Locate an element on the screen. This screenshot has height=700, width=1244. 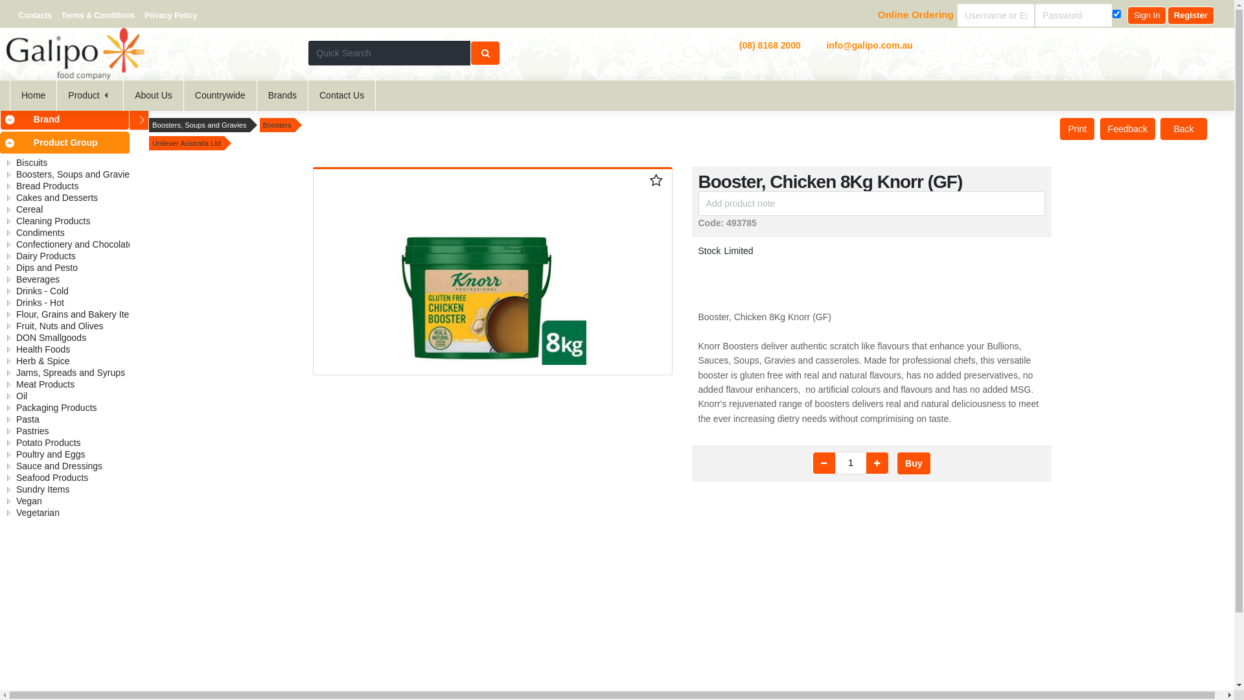
'Brands' is located at coordinates (282, 94).